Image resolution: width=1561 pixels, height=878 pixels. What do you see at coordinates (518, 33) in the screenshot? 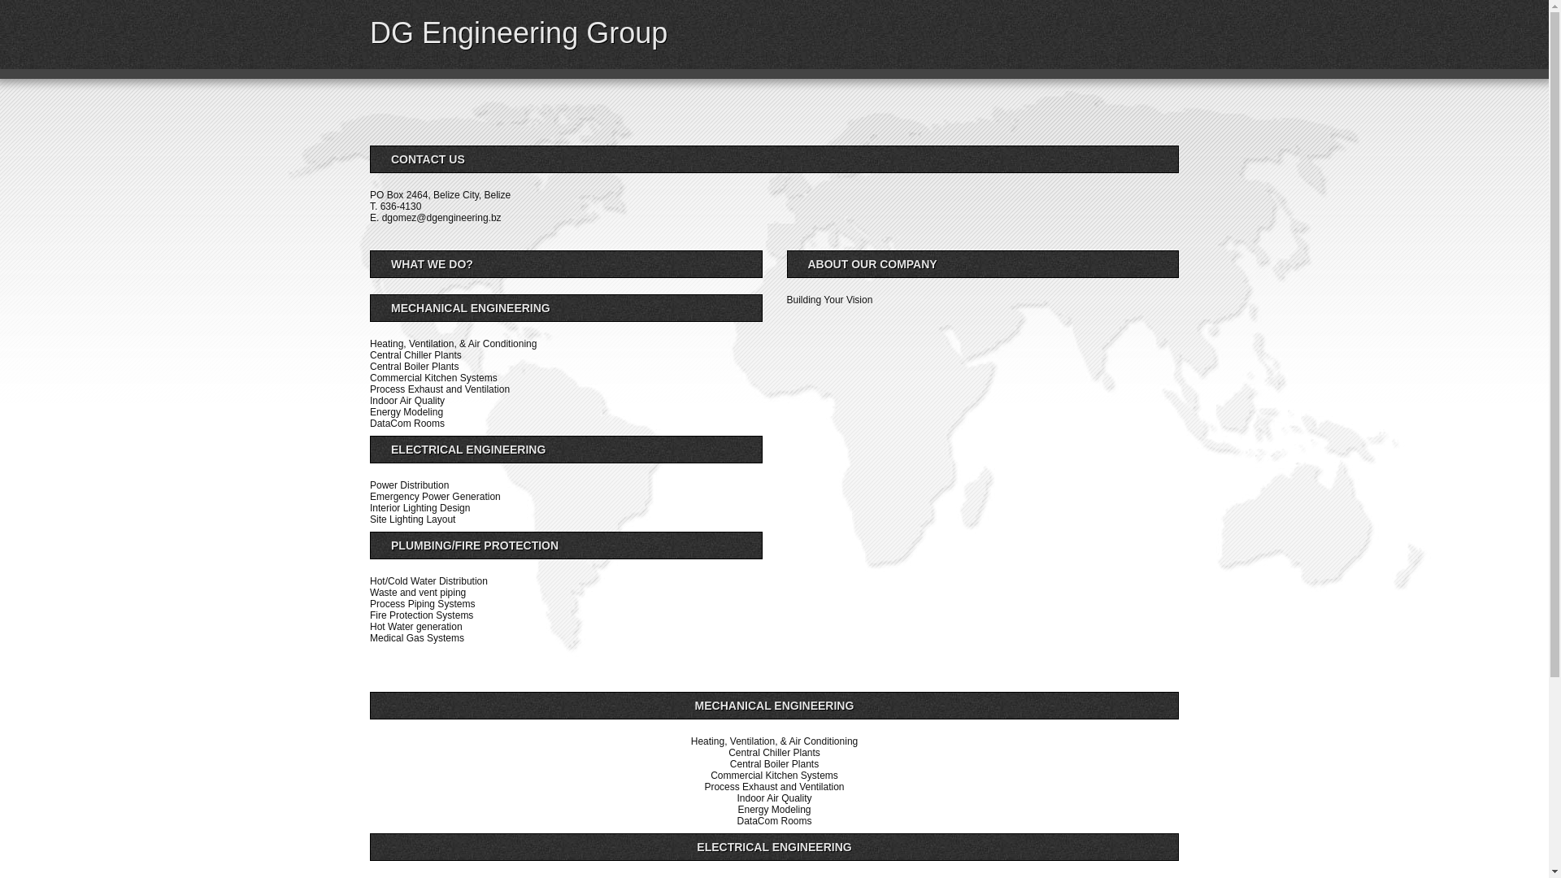
I see `'DG Engineering Group'` at bounding box center [518, 33].